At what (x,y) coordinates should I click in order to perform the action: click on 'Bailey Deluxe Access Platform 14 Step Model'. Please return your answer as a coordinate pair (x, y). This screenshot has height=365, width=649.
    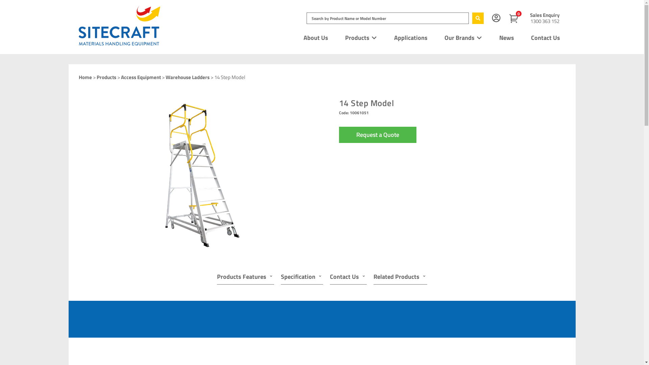
    Looking at the image, I should click on (194, 174).